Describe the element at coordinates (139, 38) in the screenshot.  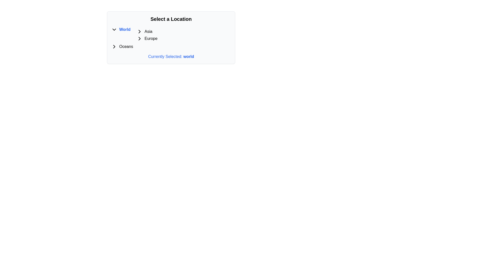
I see `the rightward-pointing arrow icon button located to the immediate left of the 'Europe' text in the selectable locations list` at that location.